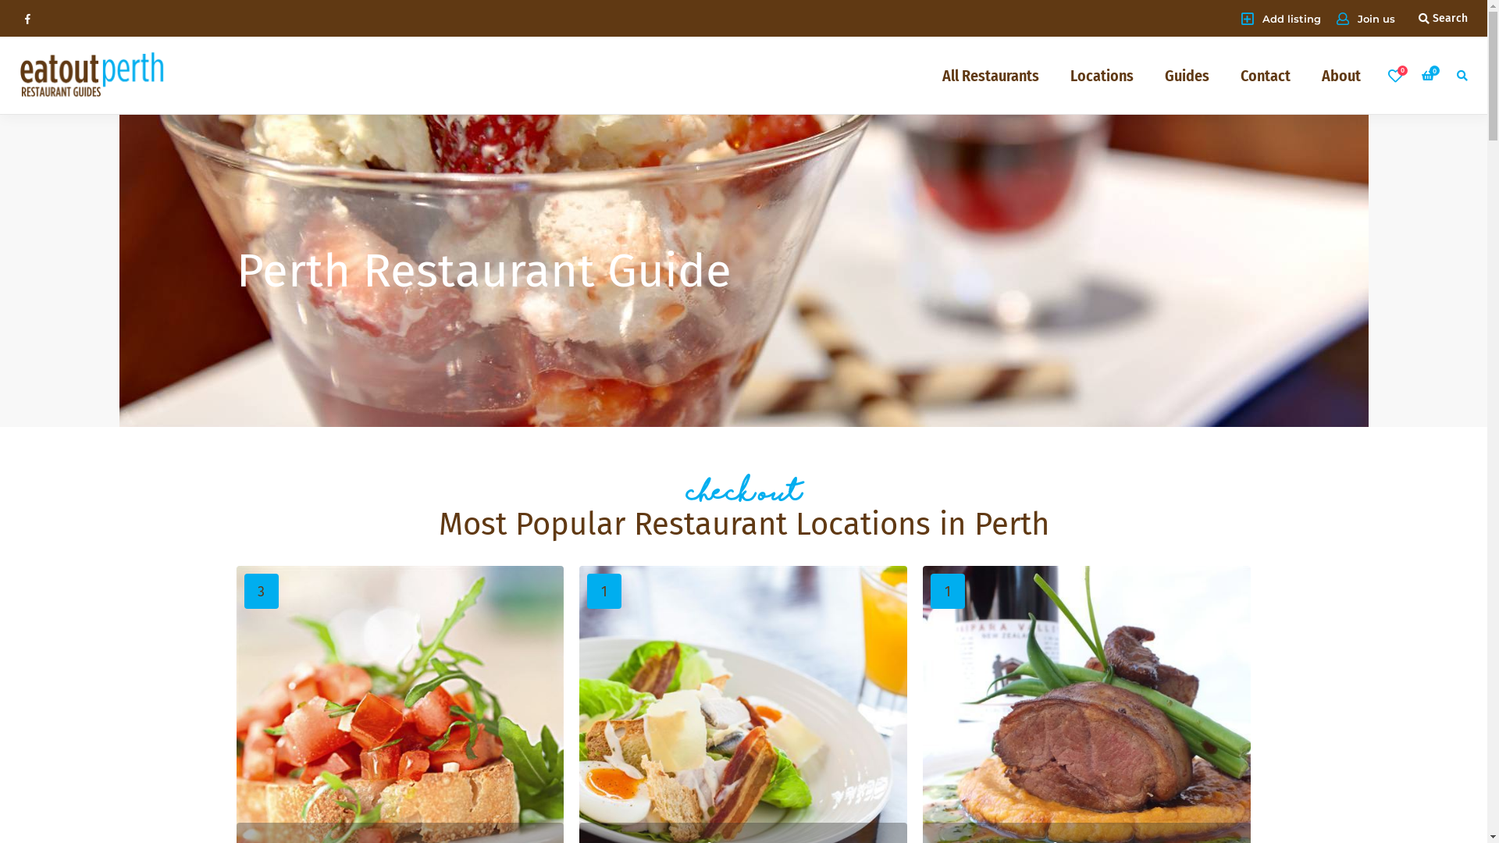 This screenshot has height=843, width=1499. Describe the element at coordinates (1101, 75) in the screenshot. I see `'Locations'` at that location.